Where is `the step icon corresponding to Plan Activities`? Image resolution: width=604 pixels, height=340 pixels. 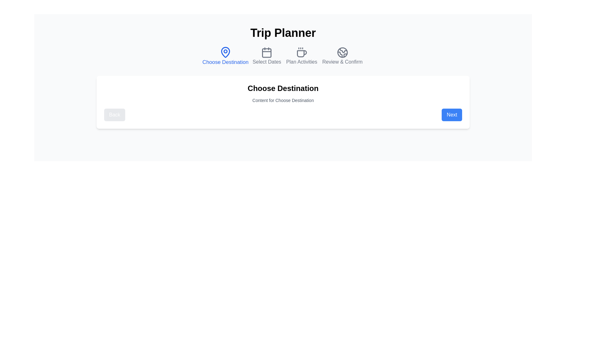 the step icon corresponding to Plan Activities is located at coordinates (301, 56).